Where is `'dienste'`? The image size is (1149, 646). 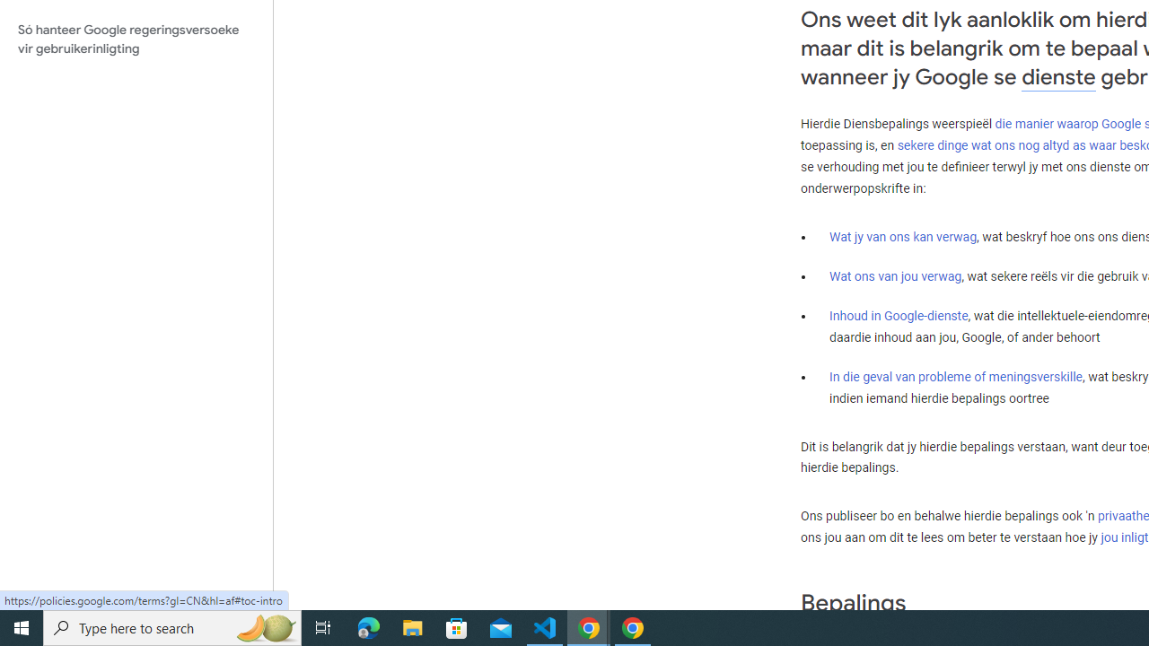
'dienste' is located at coordinates (1058, 76).